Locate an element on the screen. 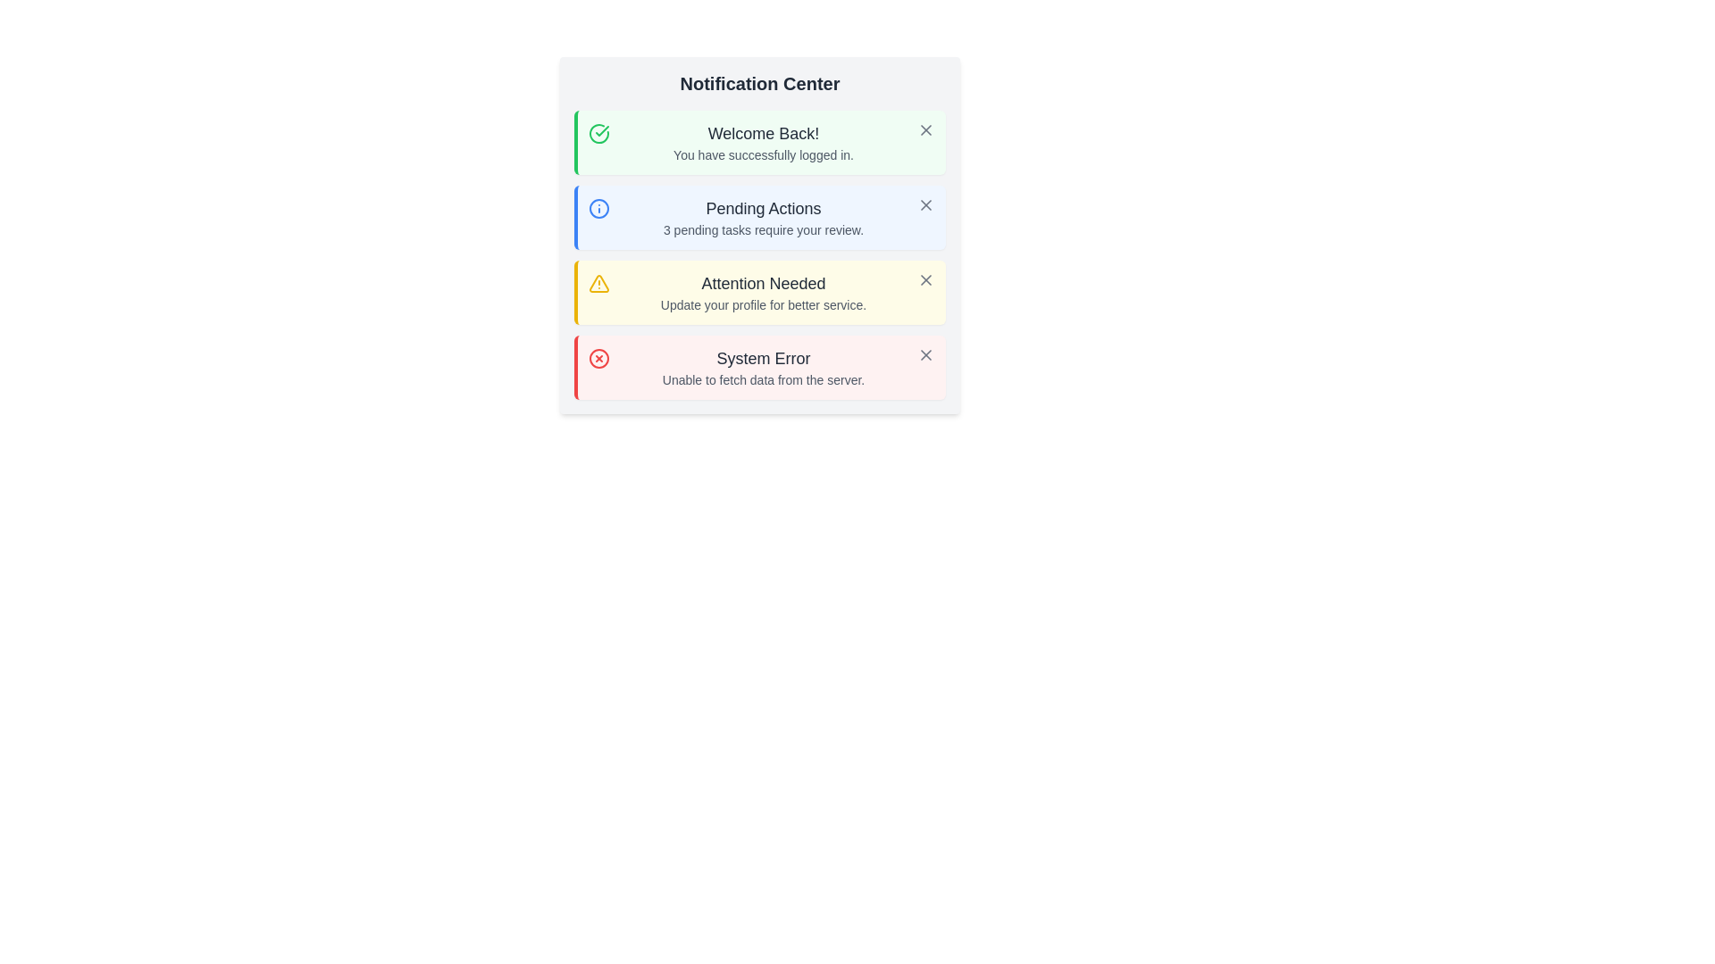  the yellow warning triangle icon with an exclamation mark located next to the 'Attention Needed' notification in the third notification card of the Notification Center is located at coordinates (599, 282).